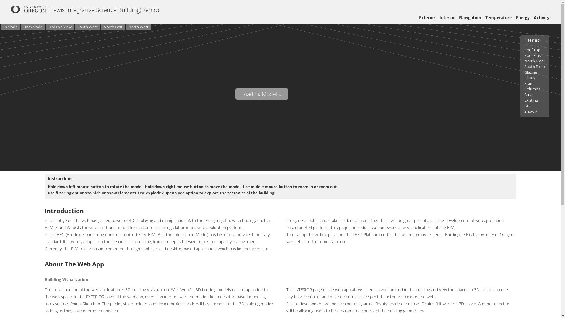 The height and width of the screenshot is (318, 565). What do you see at coordinates (470, 17) in the screenshot?
I see `'Navigation'` at bounding box center [470, 17].